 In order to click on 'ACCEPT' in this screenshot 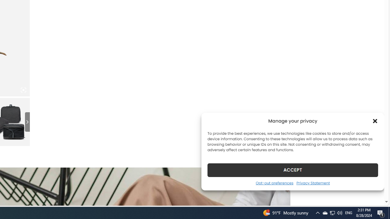, I will do `click(293, 170)`.